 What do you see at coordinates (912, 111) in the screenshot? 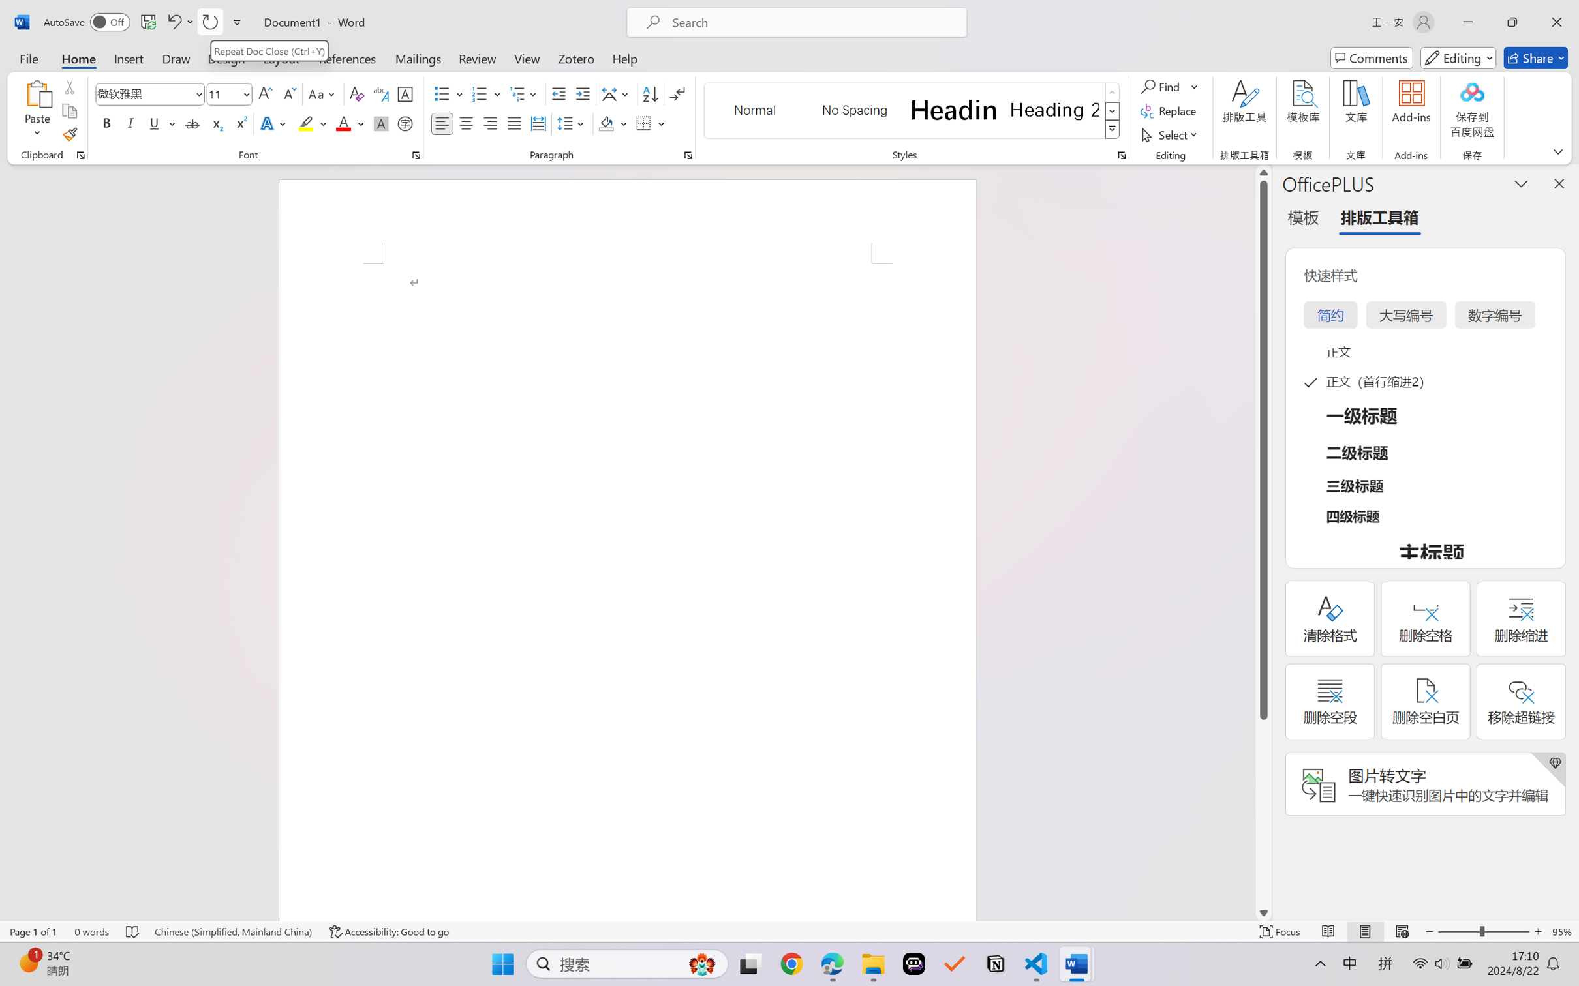
I see `'AutomationID: QuickStylesGallery'` at bounding box center [912, 111].